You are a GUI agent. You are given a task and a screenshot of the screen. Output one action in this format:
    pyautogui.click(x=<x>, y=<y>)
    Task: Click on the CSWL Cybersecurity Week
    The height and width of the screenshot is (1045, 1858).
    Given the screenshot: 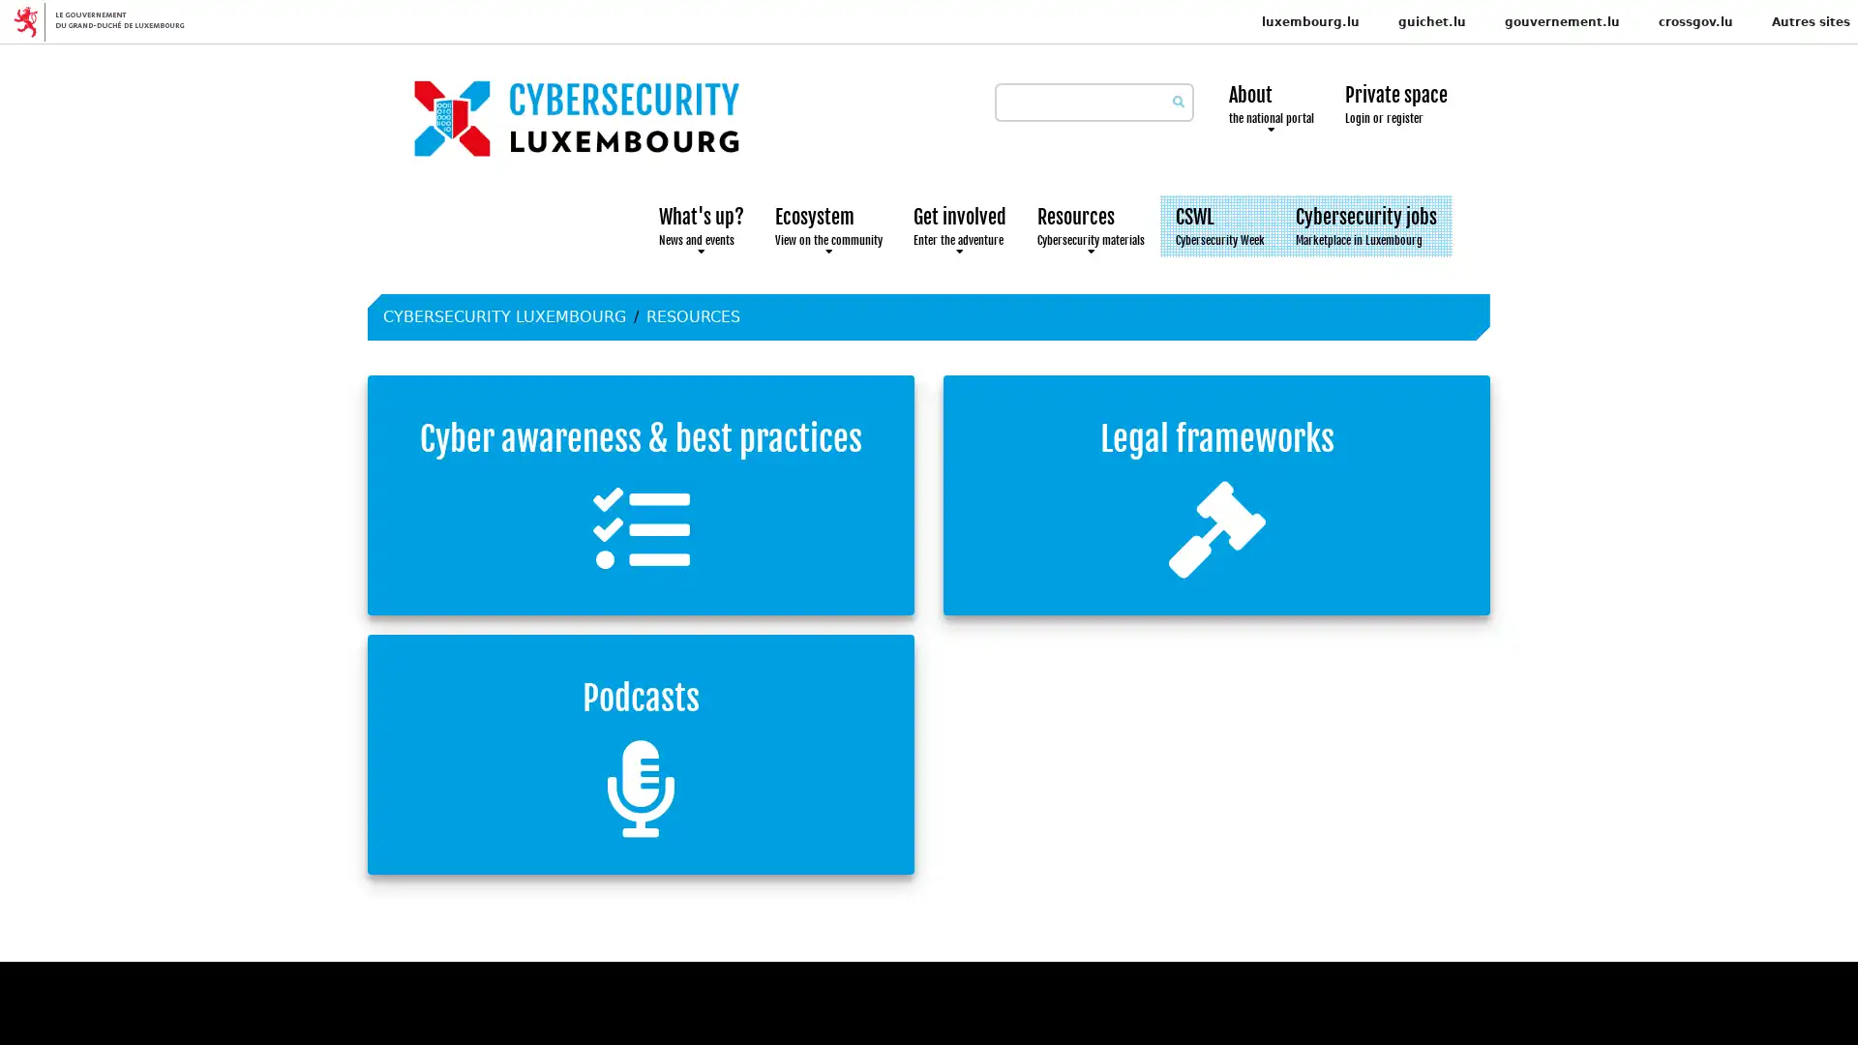 What is the action you would take?
    pyautogui.click(x=1219, y=225)
    